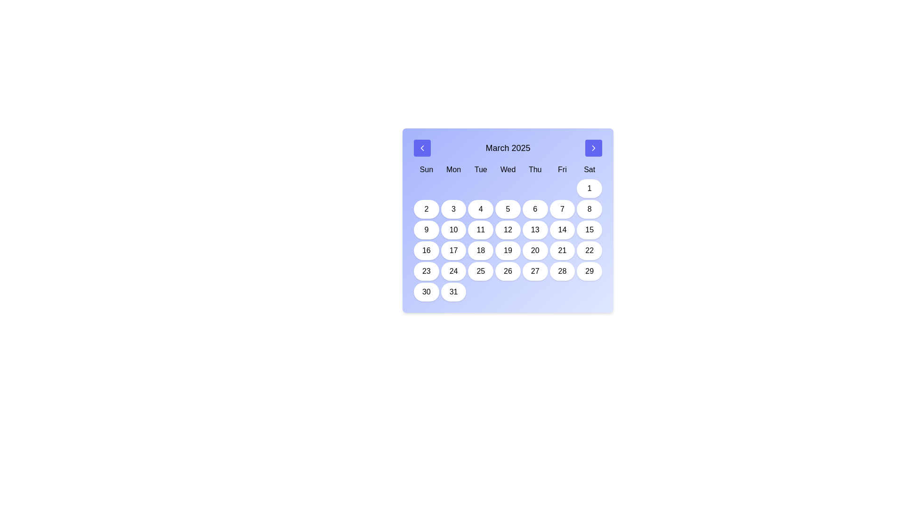  Describe the element at coordinates (593, 148) in the screenshot. I see `the rightward chevron arrow icon located in the upper right corner of the calendar card, adjacent to the days of the week heading` at that location.